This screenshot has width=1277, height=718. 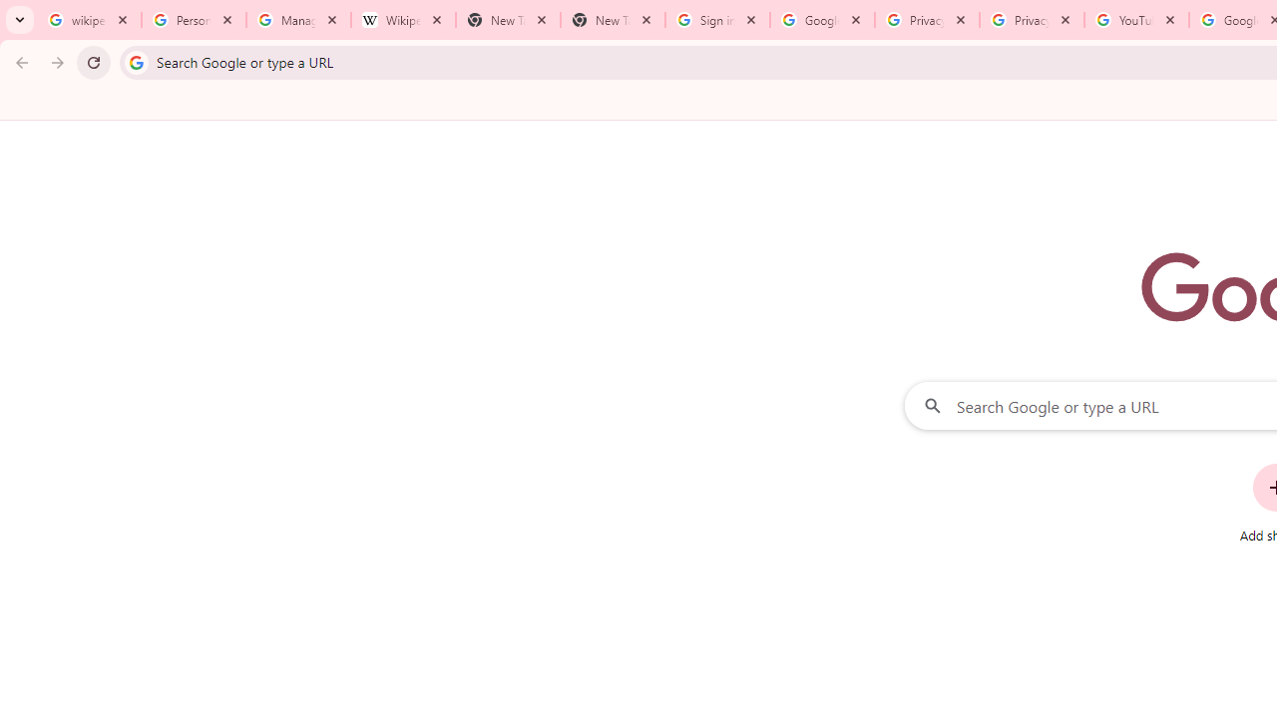 I want to click on 'YouTube', so click(x=1136, y=20).